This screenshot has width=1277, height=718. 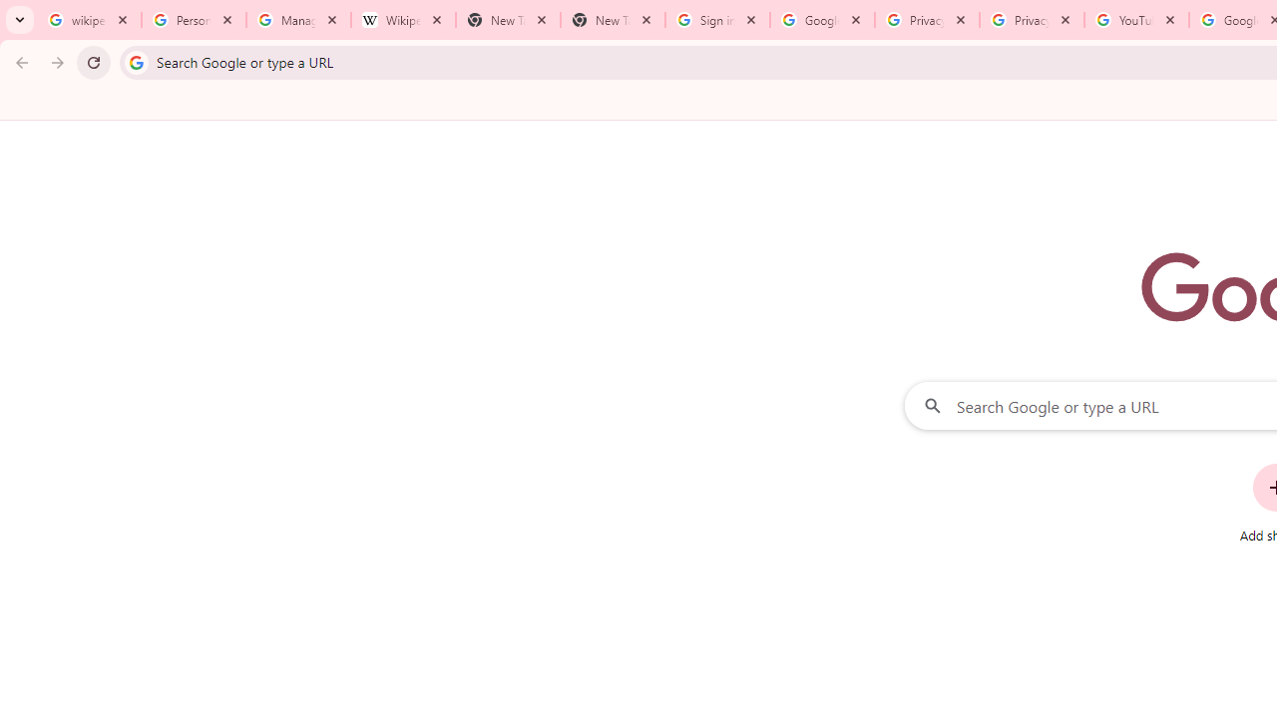 I want to click on 'YouTube', so click(x=1136, y=20).